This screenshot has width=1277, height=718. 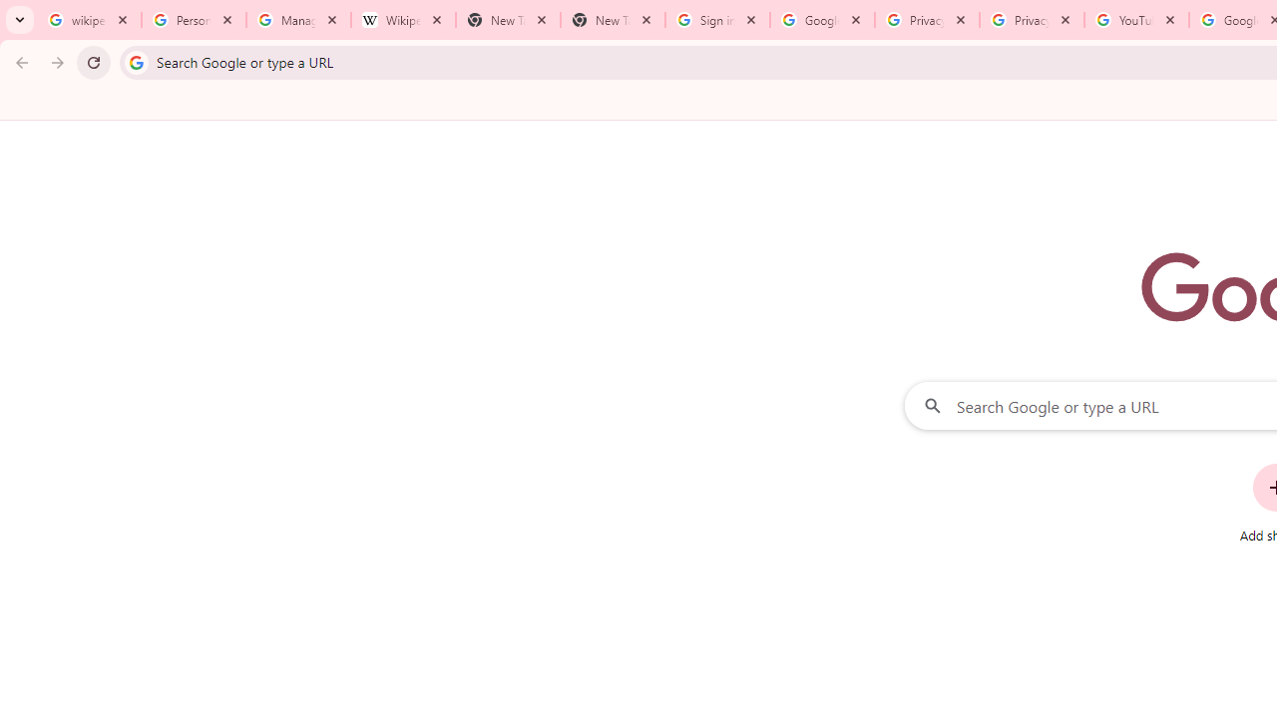 I want to click on 'YouTube', so click(x=1136, y=20).